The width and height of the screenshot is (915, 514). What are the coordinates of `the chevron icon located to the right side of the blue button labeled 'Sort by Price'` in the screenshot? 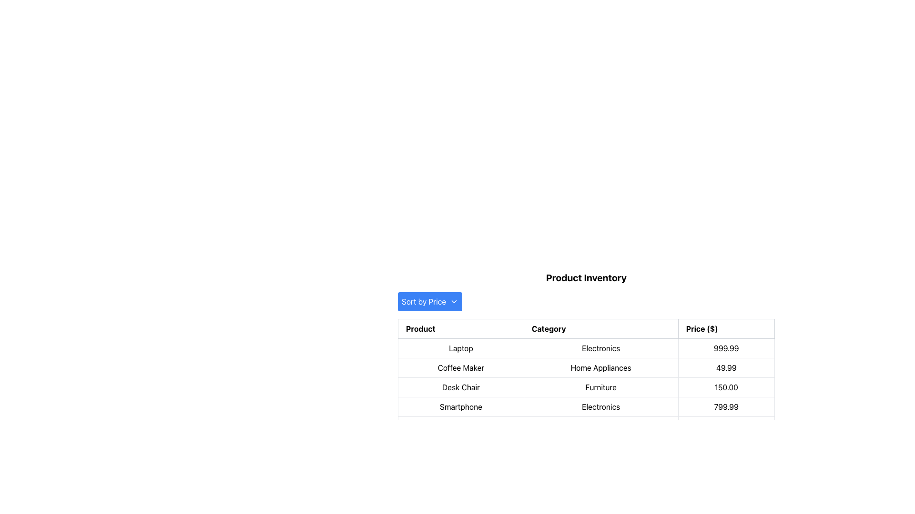 It's located at (454, 301).